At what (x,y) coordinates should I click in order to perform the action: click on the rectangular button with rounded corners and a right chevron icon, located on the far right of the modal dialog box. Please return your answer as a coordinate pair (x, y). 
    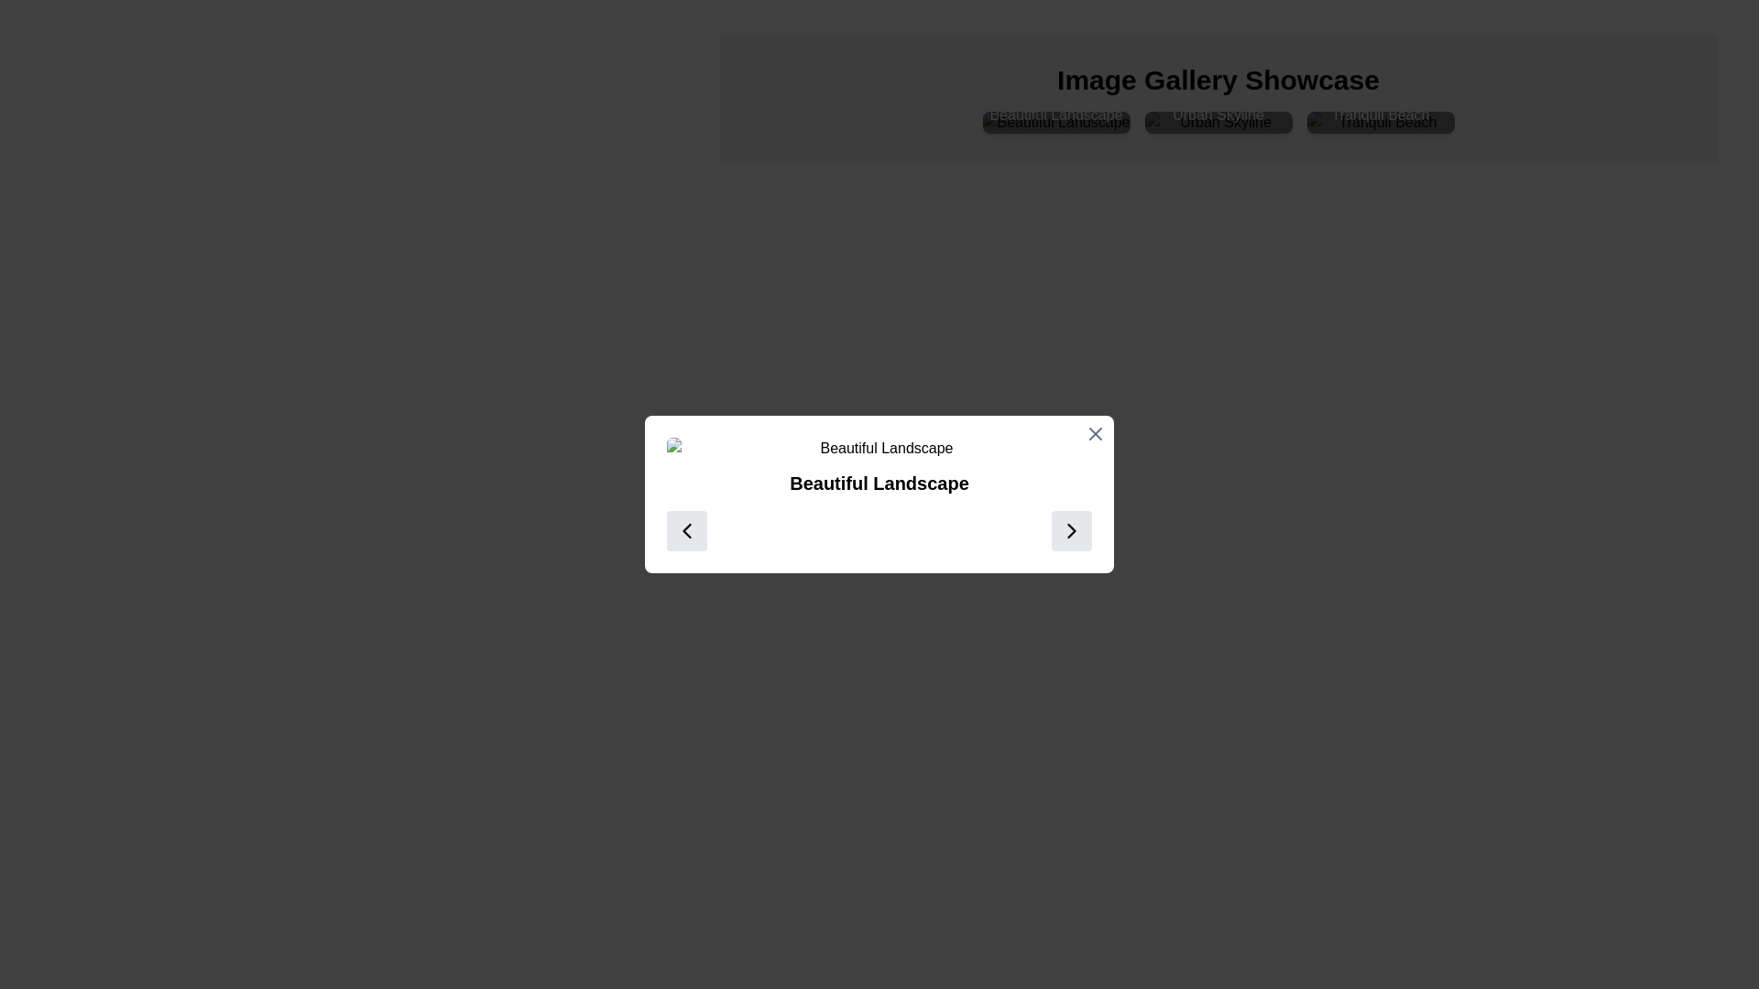
    Looking at the image, I should click on (1072, 530).